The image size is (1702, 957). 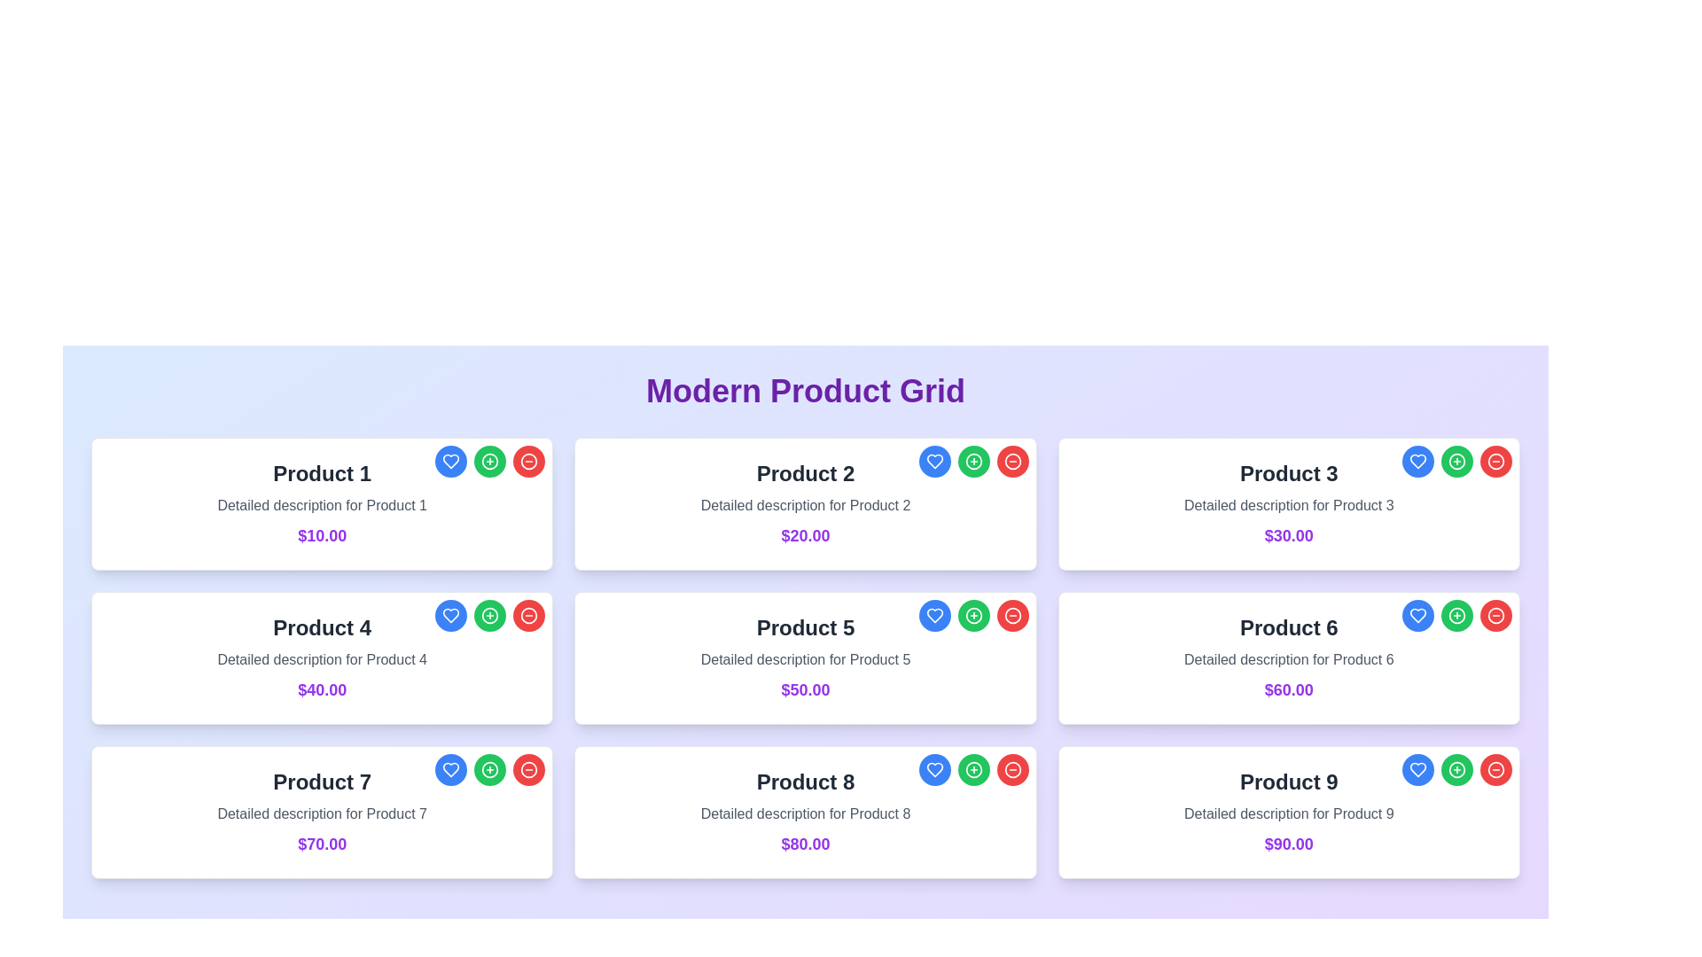 What do you see at coordinates (528, 614) in the screenshot?
I see `the decorative vector circle element, which is part of an SVG icon representing a minus sign inside a circle, located in the top-right corner of the product card` at bounding box center [528, 614].